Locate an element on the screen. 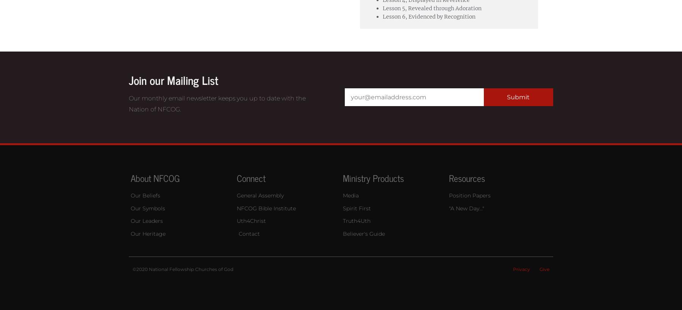 This screenshot has width=682, height=310. 'Our Heritage' is located at coordinates (148, 234).